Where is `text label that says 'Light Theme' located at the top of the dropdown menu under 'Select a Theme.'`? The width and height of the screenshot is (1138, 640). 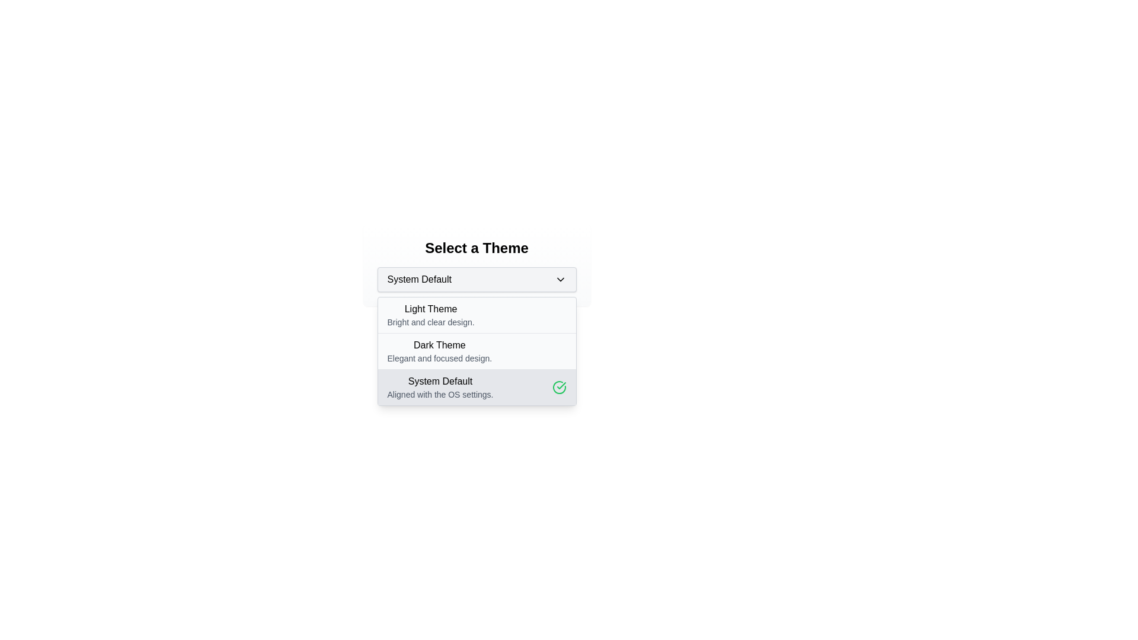 text label that says 'Light Theme' located at the top of the dropdown menu under 'Select a Theme.' is located at coordinates (430, 308).